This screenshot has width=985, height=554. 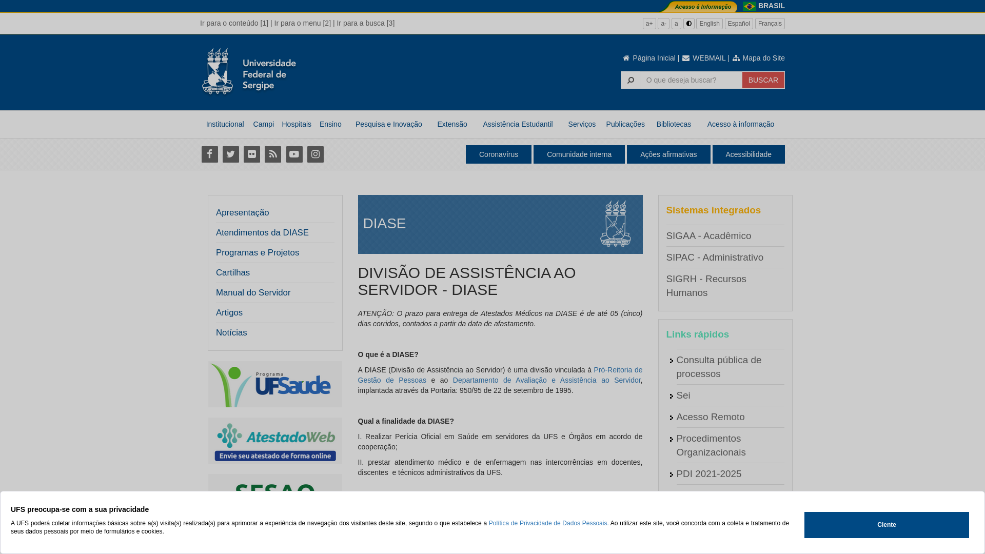 What do you see at coordinates (272, 253) in the screenshot?
I see `'Programas e Projetos'` at bounding box center [272, 253].